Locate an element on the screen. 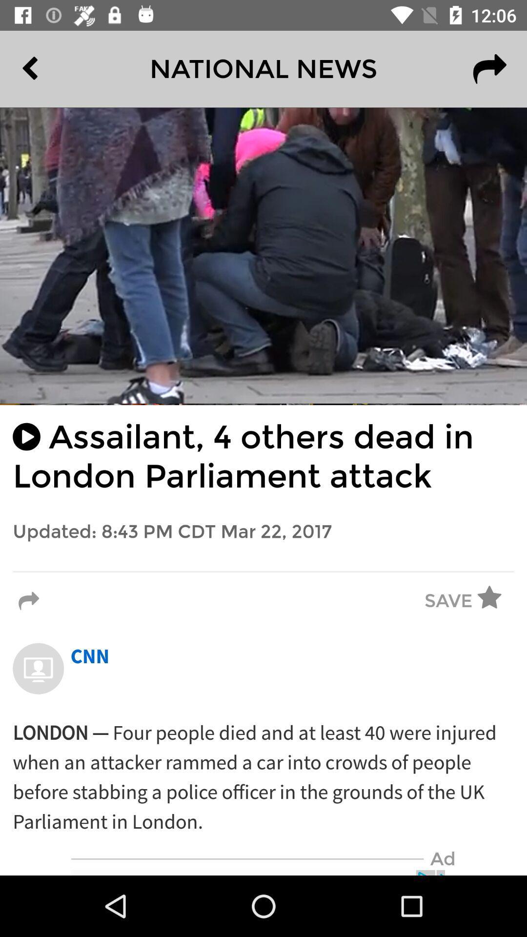 This screenshot has width=527, height=937. item next to national news icon is located at coordinates (52, 68).